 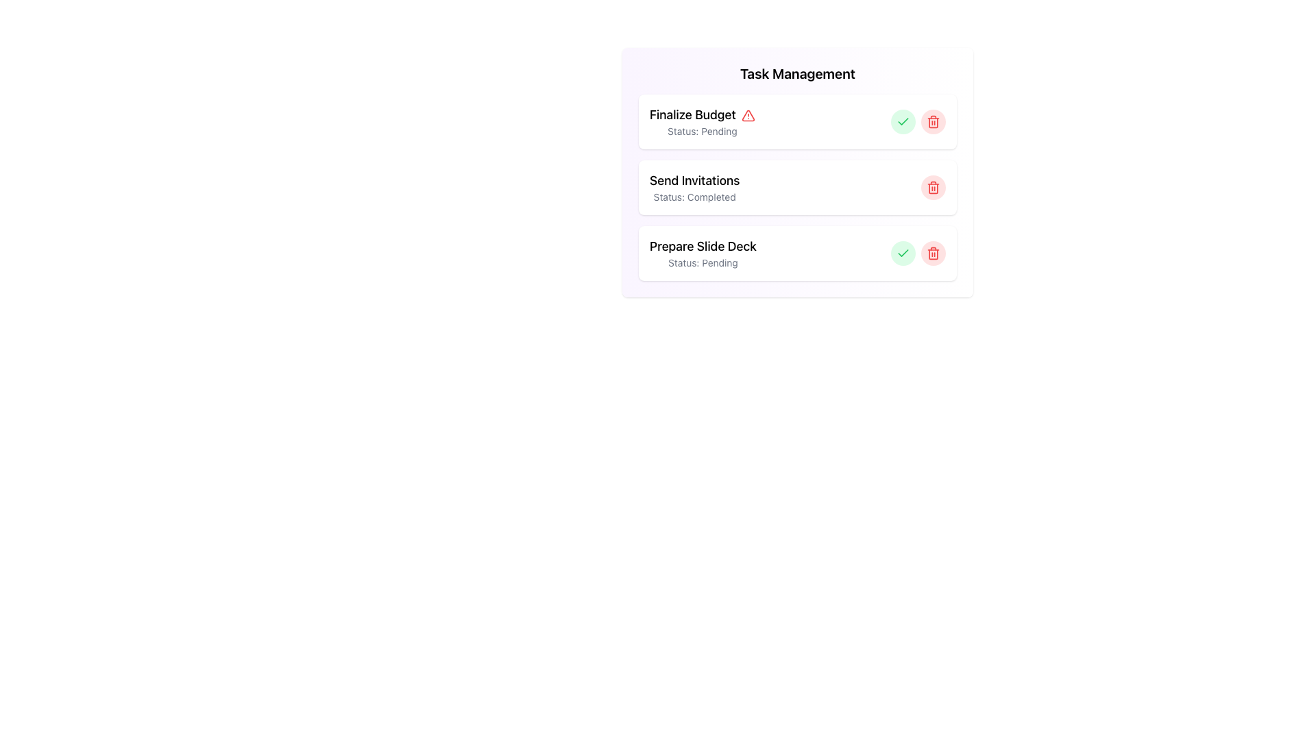 What do you see at coordinates (694, 197) in the screenshot?
I see `the static text label reading 'Status: Completed,' which is located beneath the bold header 'Send Invitations' in the task management interface` at bounding box center [694, 197].